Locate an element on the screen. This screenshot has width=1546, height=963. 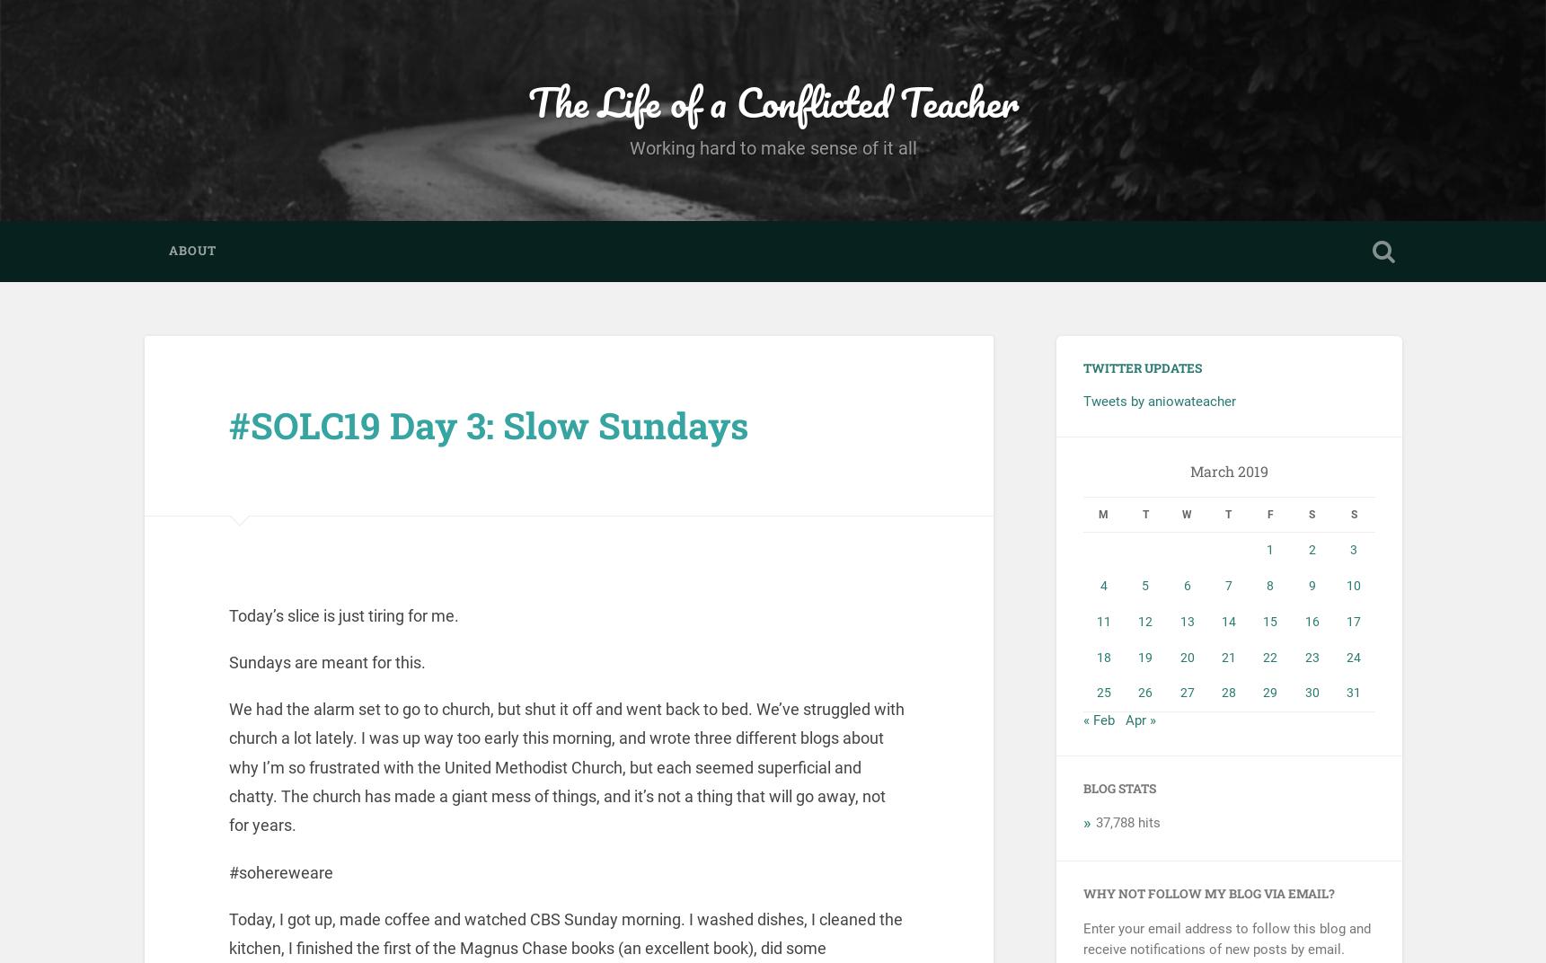
'« Feb' is located at coordinates (1082, 720).